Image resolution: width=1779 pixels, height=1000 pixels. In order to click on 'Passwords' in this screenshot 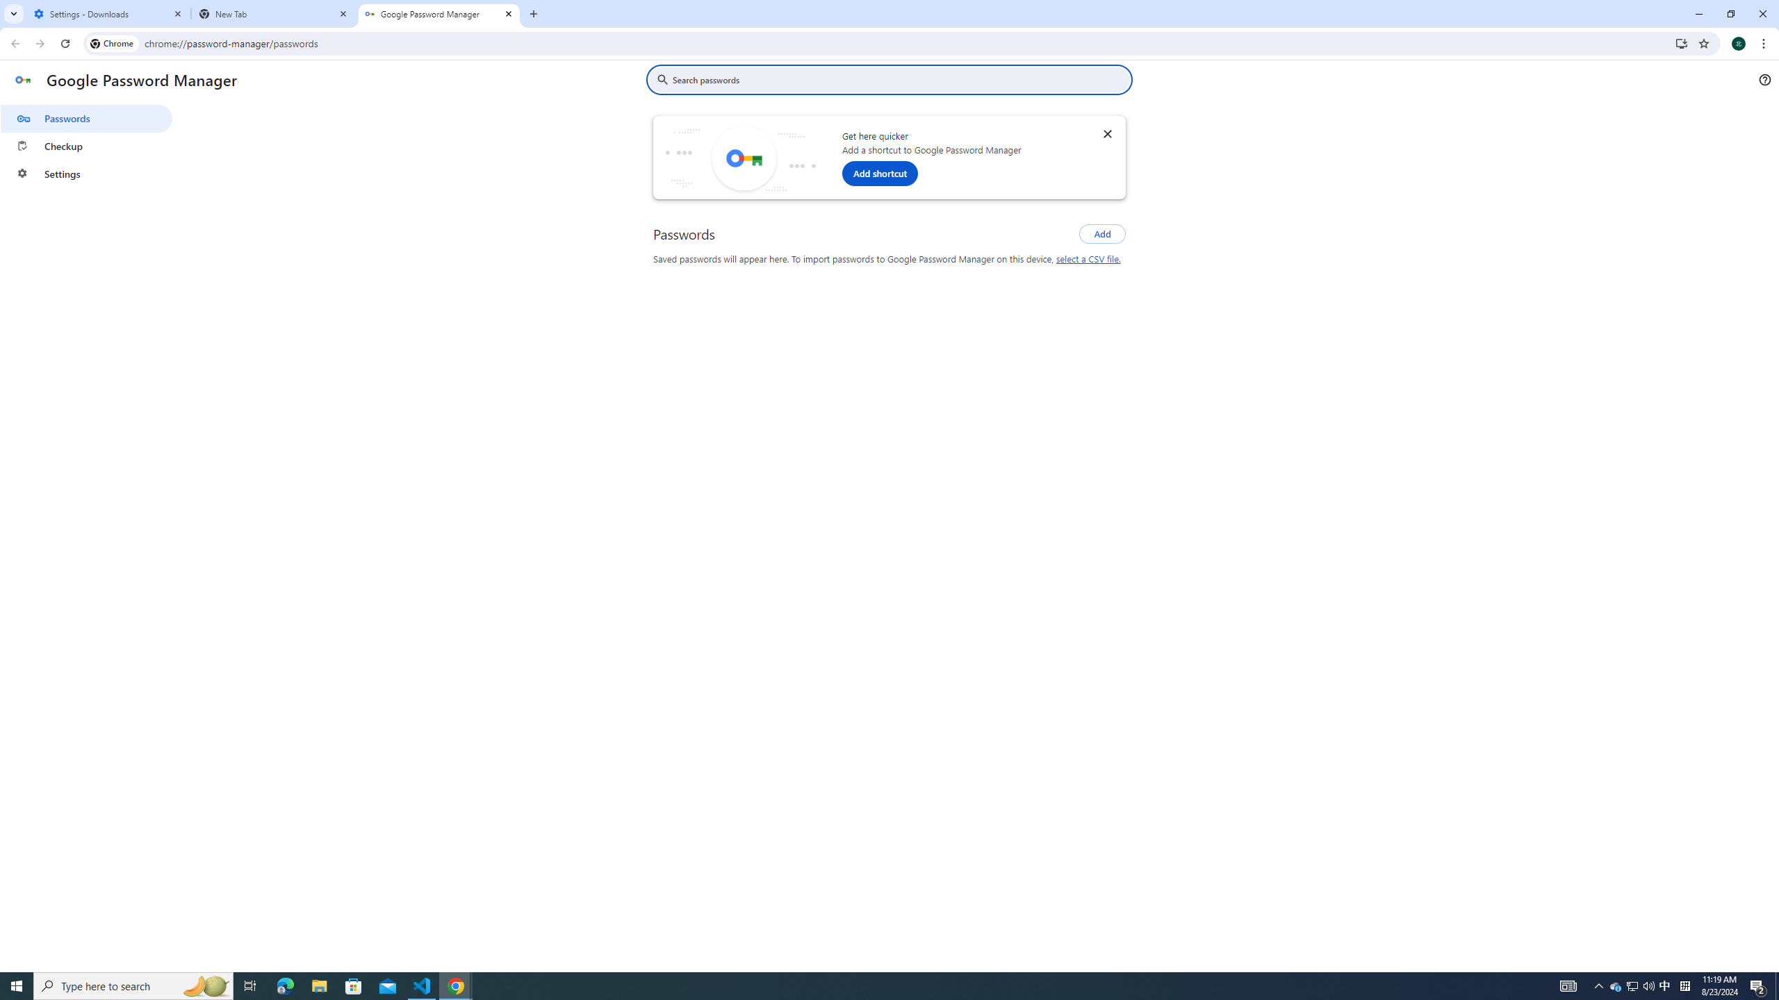, I will do `click(85, 119)`.